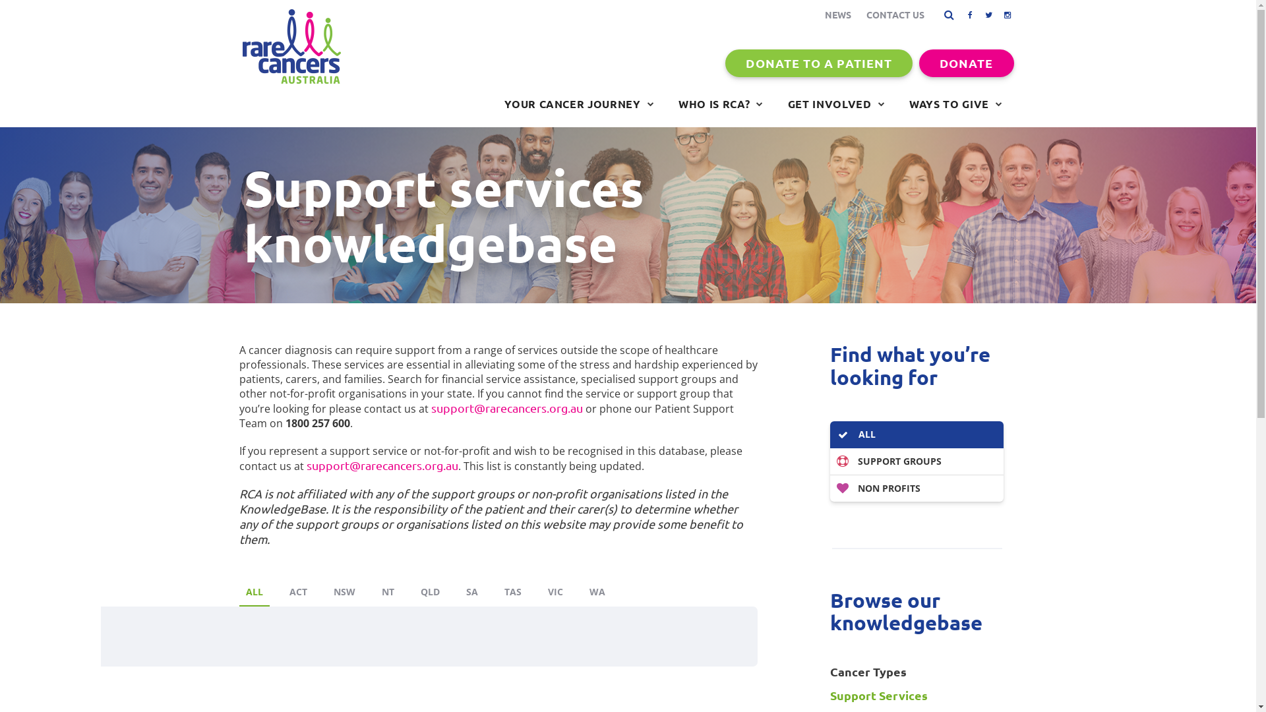 Image resolution: width=1266 pixels, height=712 pixels. I want to click on 'ACT', so click(297, 592).